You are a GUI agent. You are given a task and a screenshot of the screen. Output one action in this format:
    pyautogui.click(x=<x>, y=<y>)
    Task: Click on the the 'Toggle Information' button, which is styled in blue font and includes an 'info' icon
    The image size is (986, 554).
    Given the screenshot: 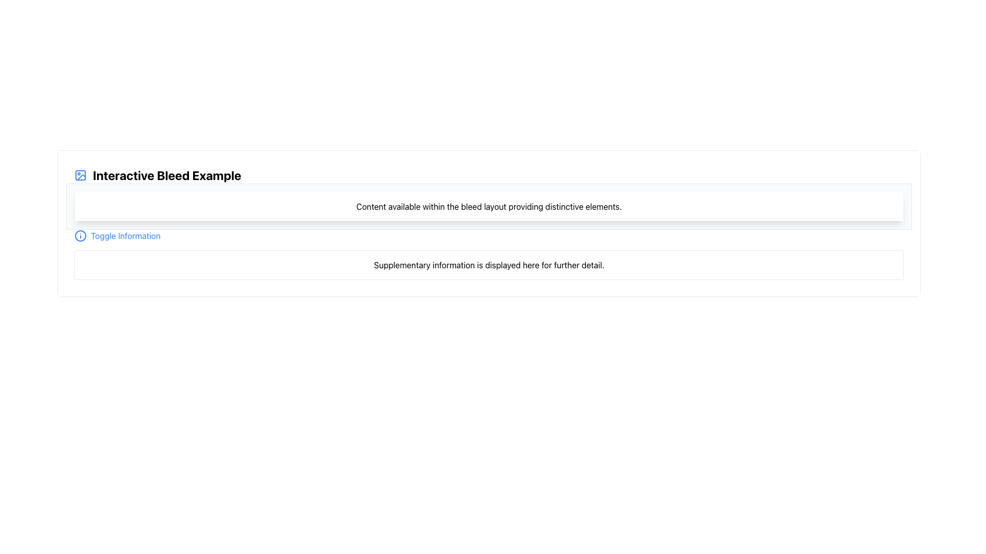 What is the action you would take?
    pyautogui.click(x=117, y=235)
    